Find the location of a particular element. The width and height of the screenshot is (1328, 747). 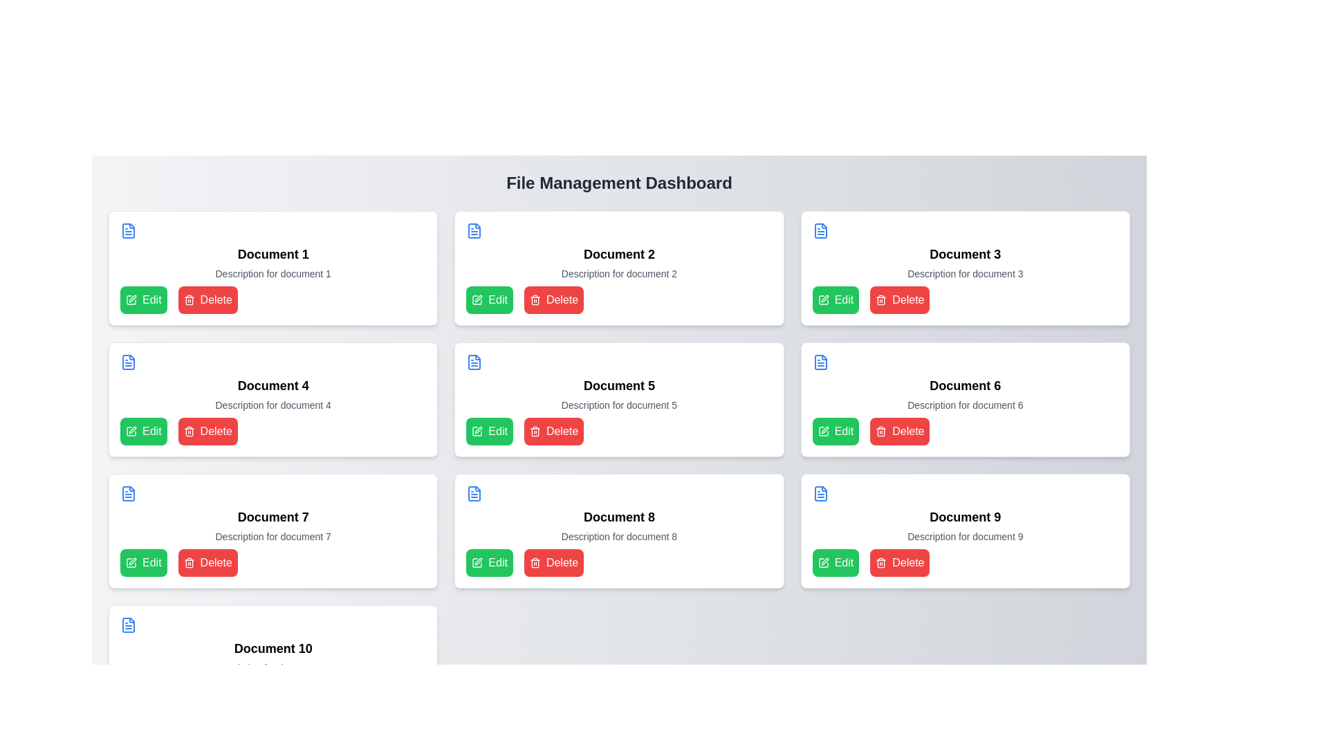

the pencil icon that symbolizes editing functionality, located within the 'Edit' button on the document card is located at coordinates (133, 429).